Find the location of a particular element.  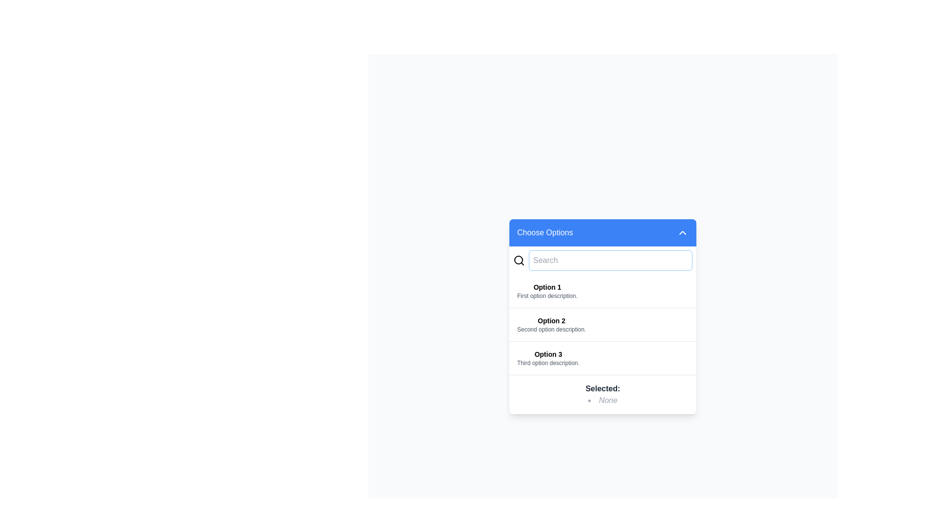

to select 'Option 2' from the dropdown menu, which is the second selectable option positioned between 'Option 1' and 'Option 3' is located at coordinates (551, 324).